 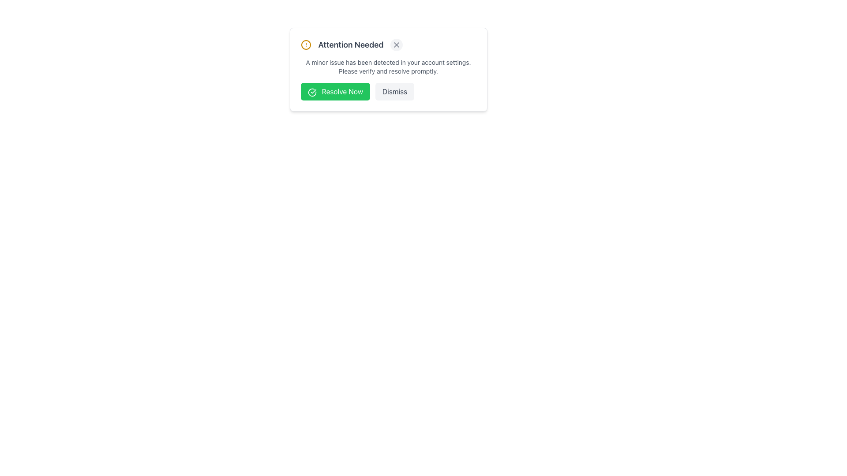 I want to click on the circular close button with a gray background and 'X' icon located in the notification area titled 'Attention Needed', so click(x=396, y=45).